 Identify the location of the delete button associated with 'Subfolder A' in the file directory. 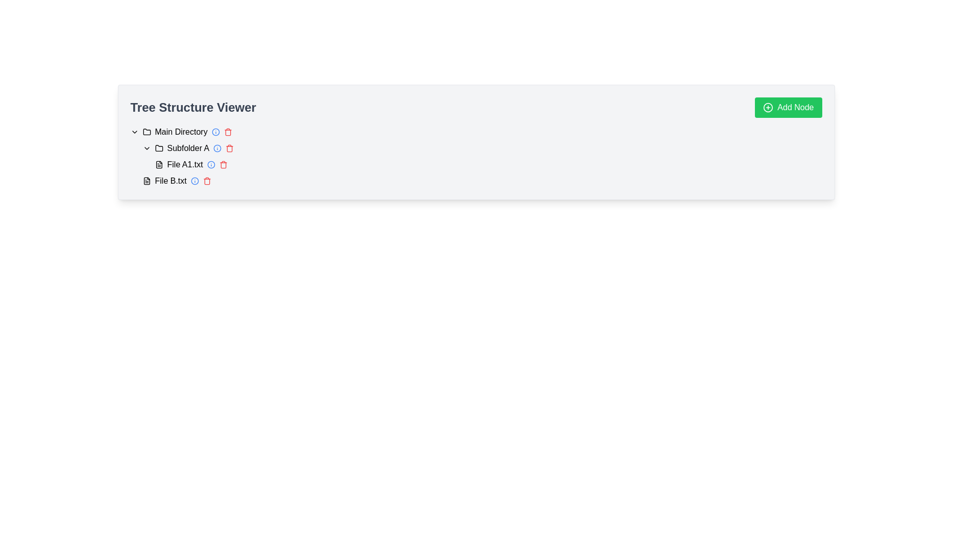
(229, 148).